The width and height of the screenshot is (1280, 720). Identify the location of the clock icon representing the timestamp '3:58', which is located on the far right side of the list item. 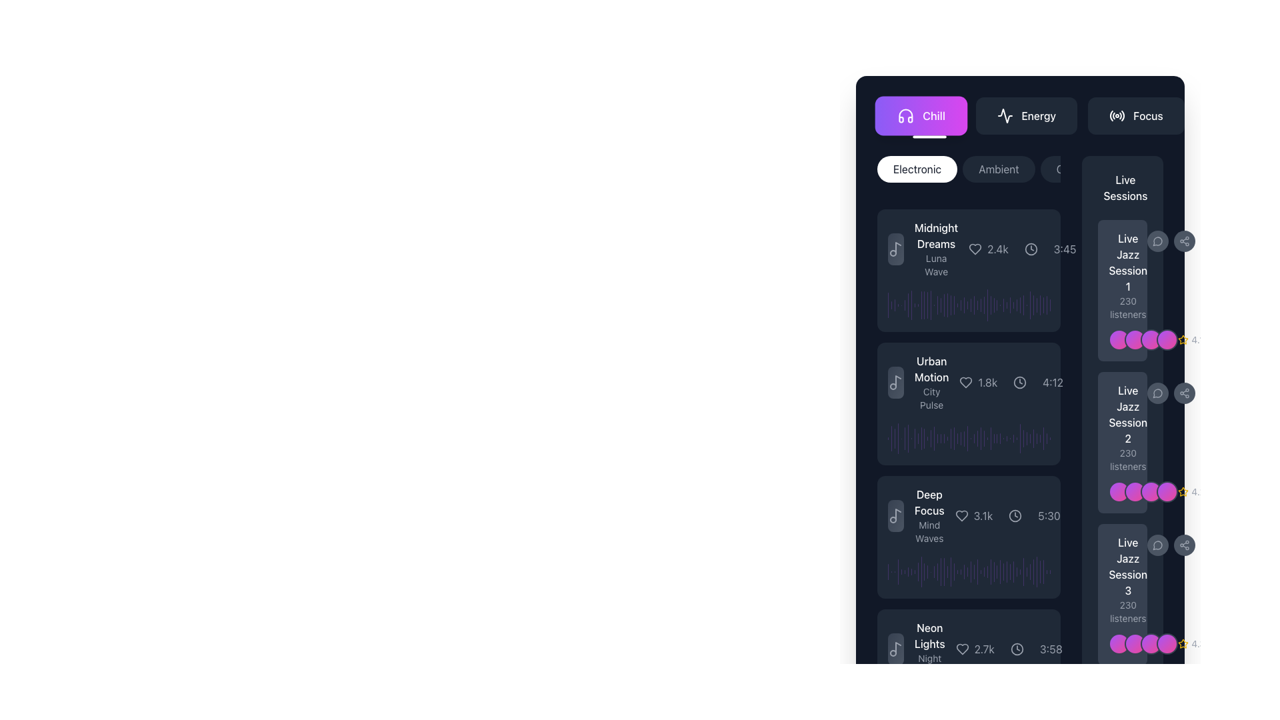
(1016, 649).